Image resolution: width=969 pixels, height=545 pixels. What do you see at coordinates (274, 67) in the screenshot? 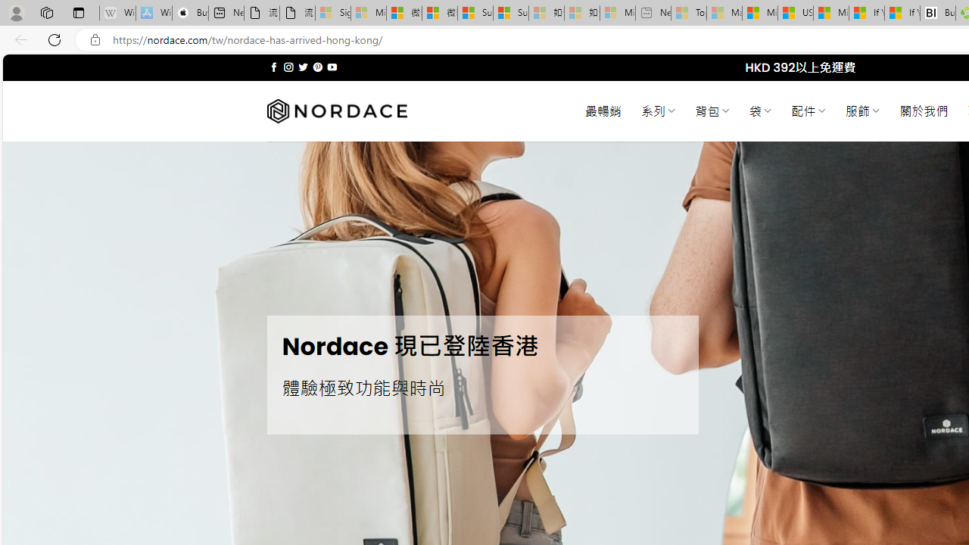
I see `'Follow on Facebook'` at bounding box center [274, 67].